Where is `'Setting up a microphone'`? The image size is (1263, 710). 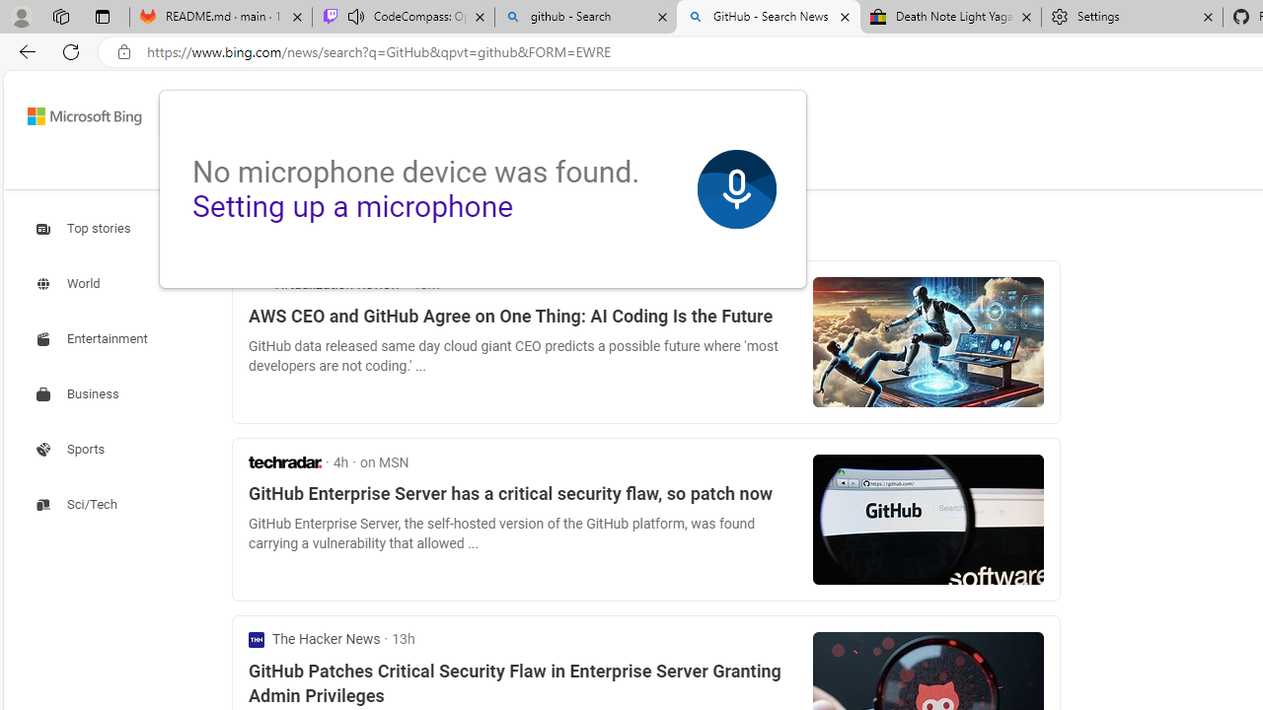 'Setting up a microphone' is located at coordinates (352, 206).